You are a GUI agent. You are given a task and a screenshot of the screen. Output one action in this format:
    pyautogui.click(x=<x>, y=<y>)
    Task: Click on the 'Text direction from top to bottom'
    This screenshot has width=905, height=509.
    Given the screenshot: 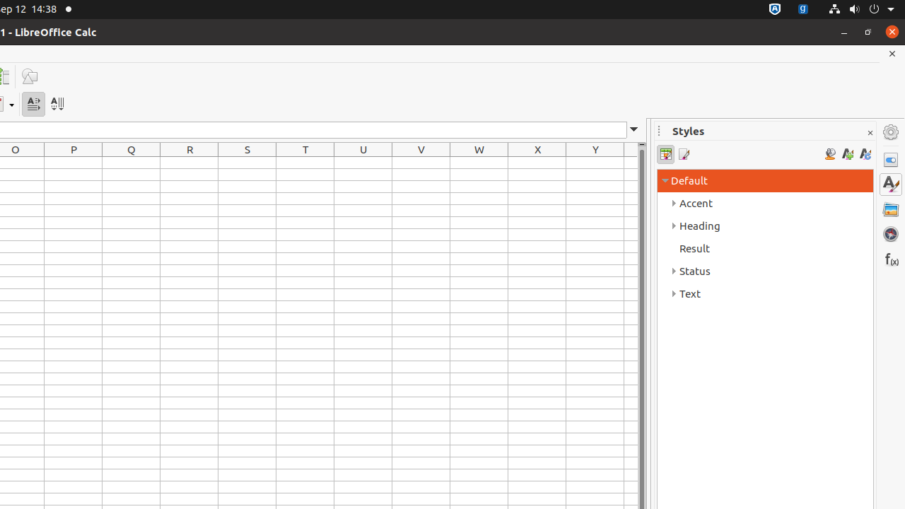 What is the action you would take?
    pyautogui.click(x=57, y=103)
    